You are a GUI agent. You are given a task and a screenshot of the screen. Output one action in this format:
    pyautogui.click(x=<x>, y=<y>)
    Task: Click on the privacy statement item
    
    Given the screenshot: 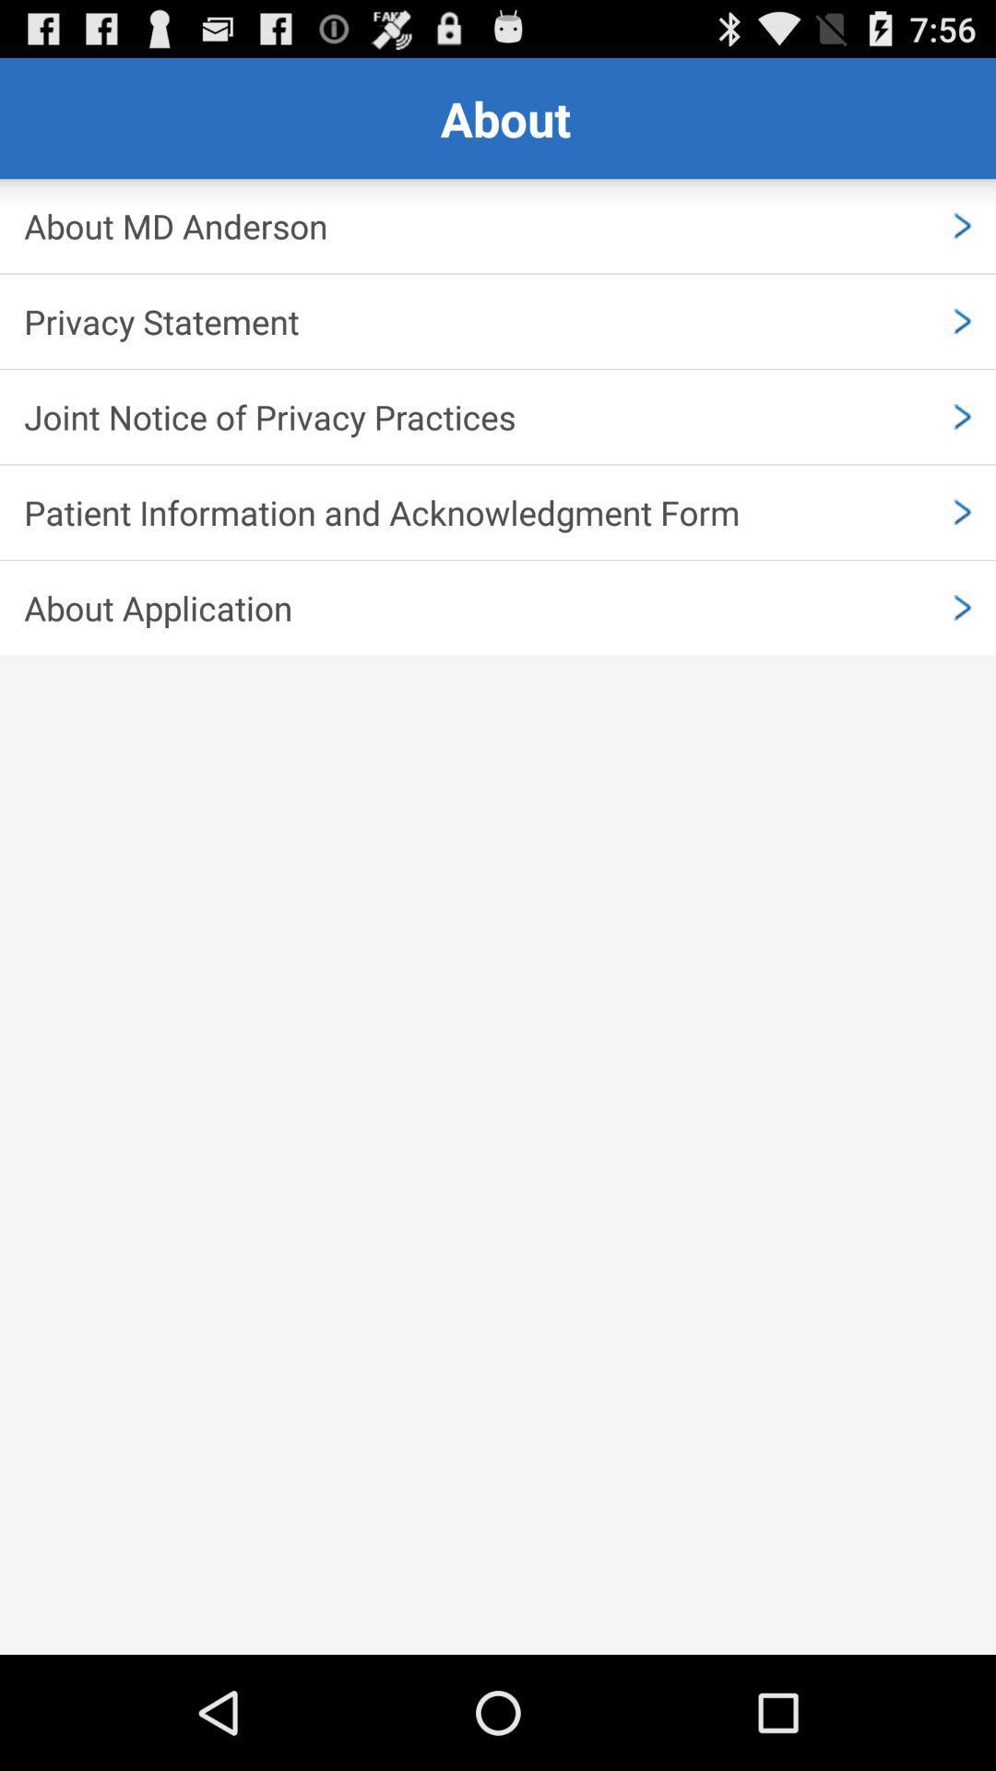 What is the action you would take?
    pyautogui.click(x=498, y=321)
    